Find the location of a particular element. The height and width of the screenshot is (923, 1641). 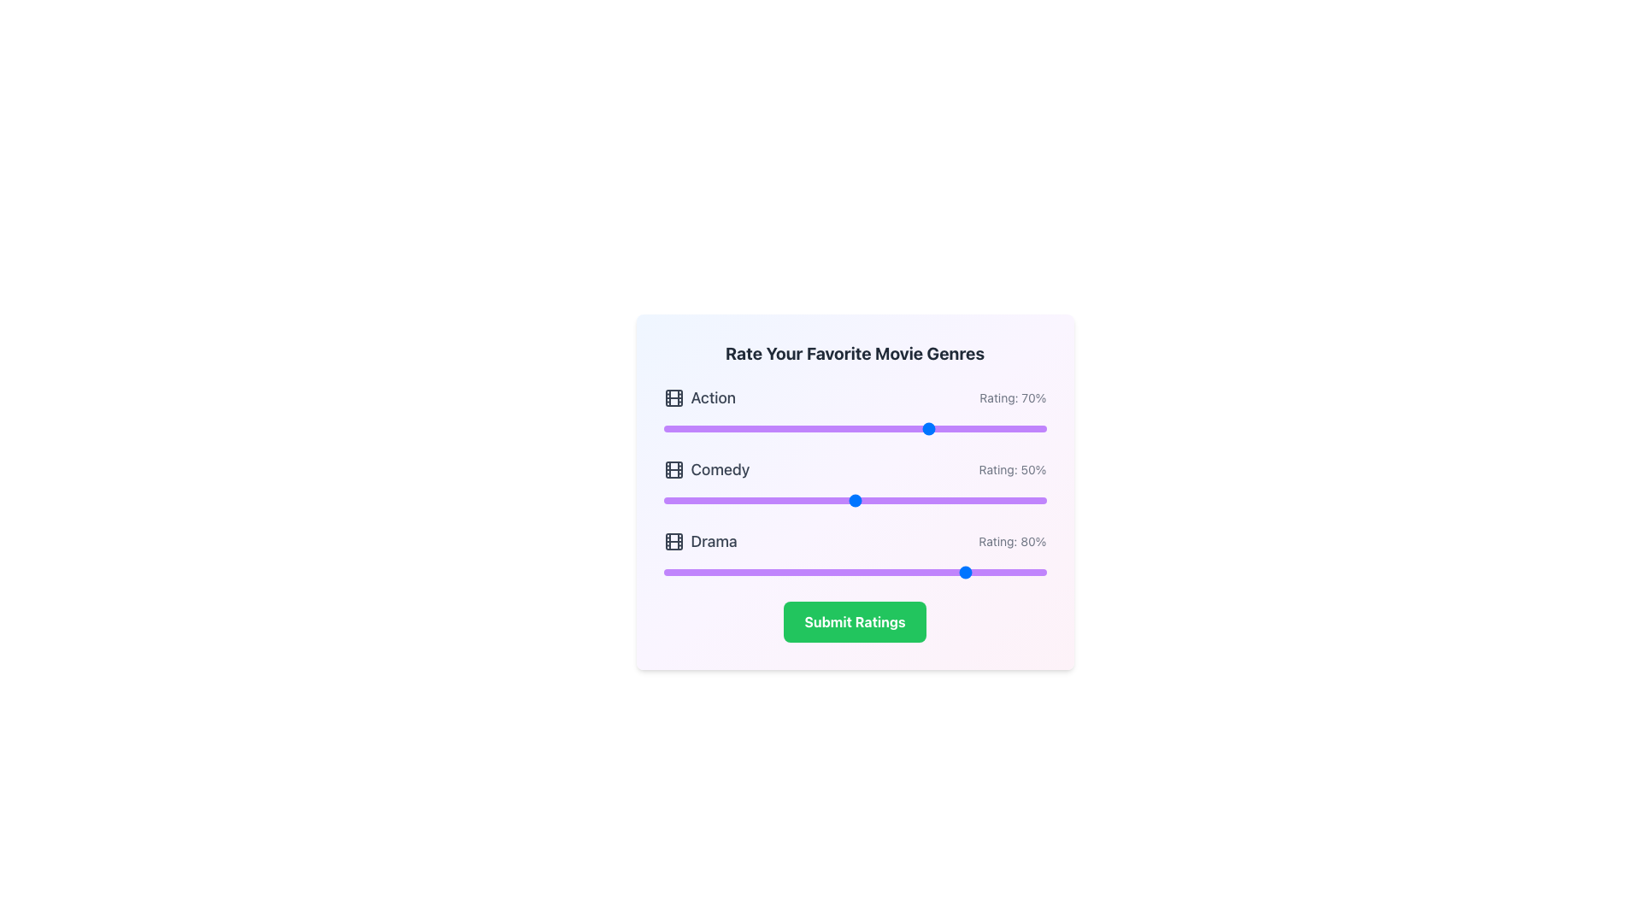

the slider value is located at coordinates (934, 573).